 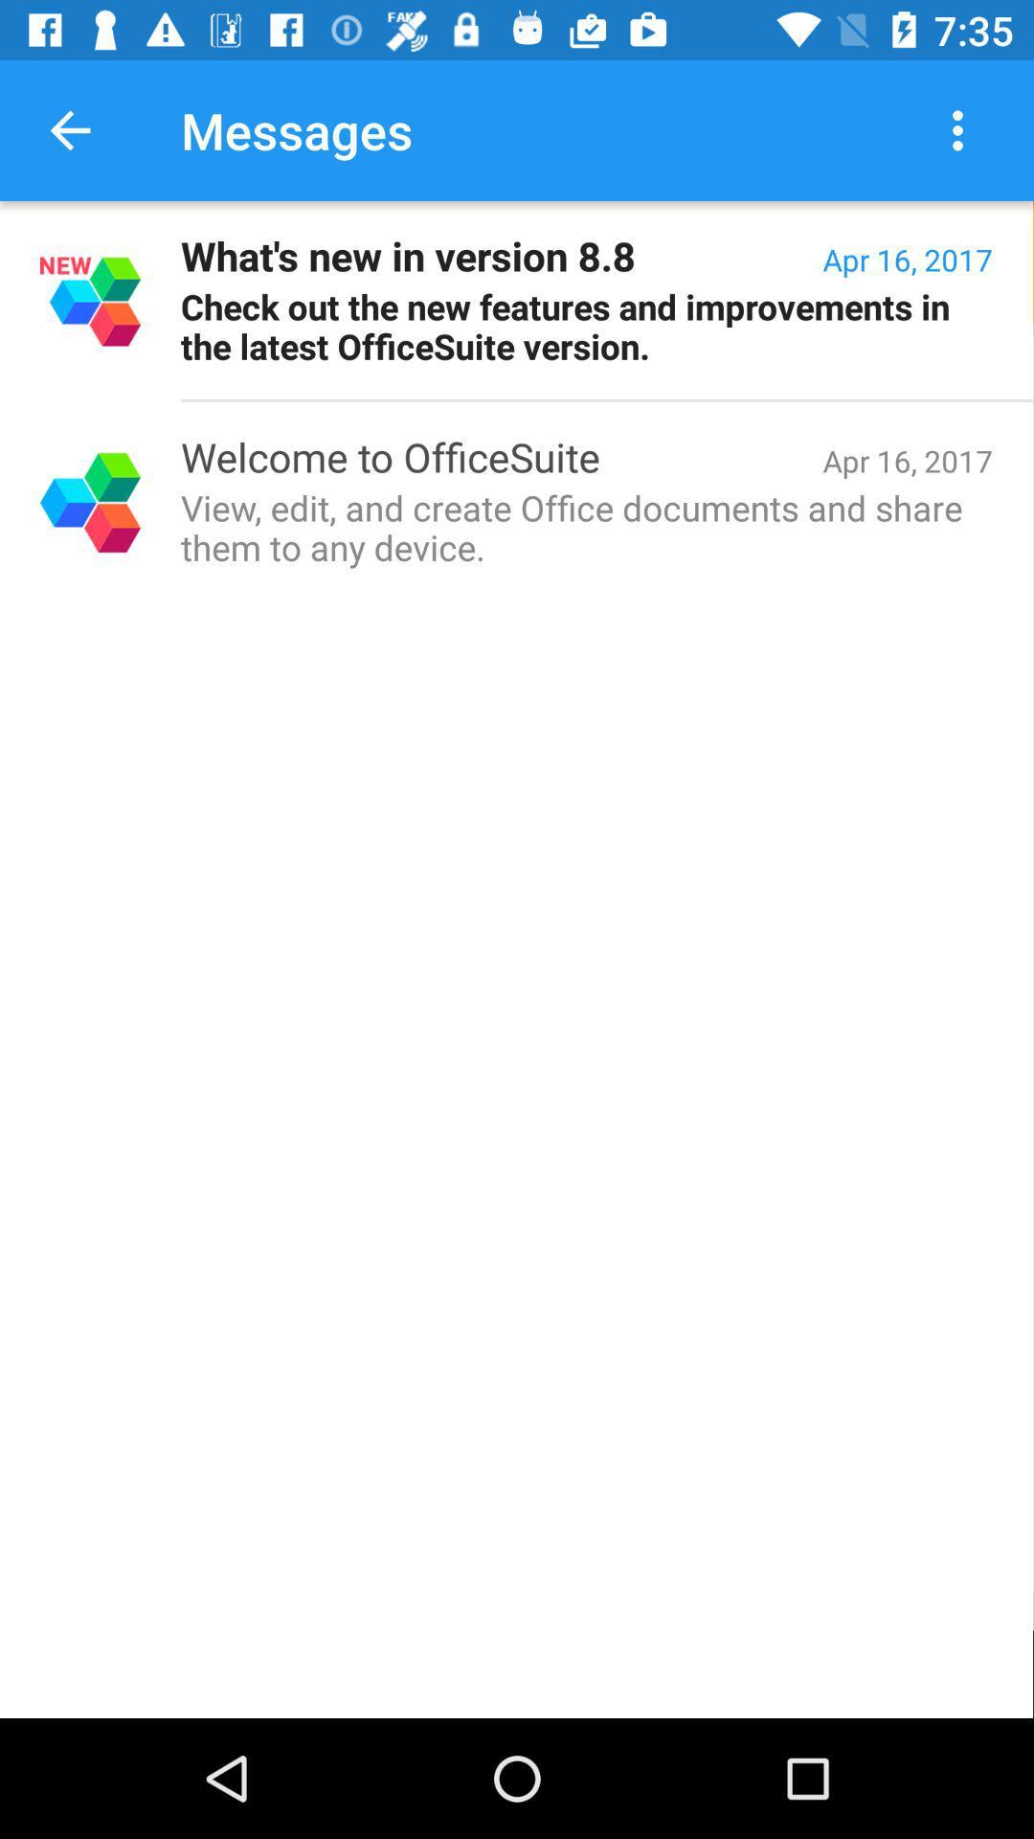 What do you see at coordinates (69, 129) in the screenshot?
I see `app to the left of messages` at bounding box center [69, 129].